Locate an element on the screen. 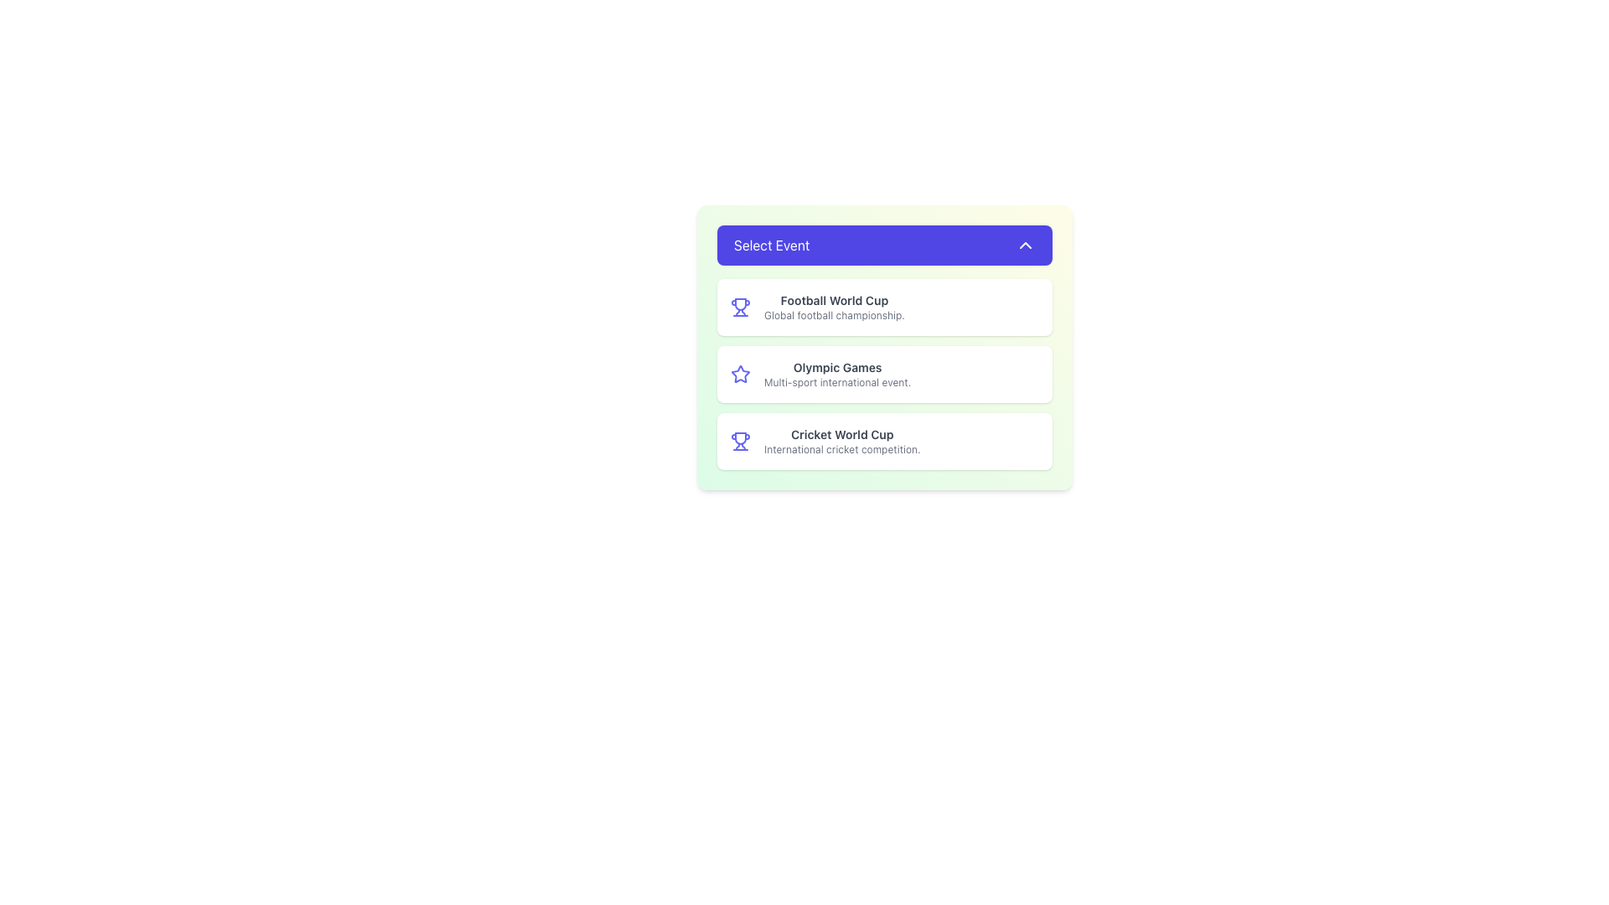 The width and height of the screenshot is (1609, 905). the Decorative Icon associated with the 'Olympic Games' list item, which is located in the left section of the second list item in a vertically stacked list is located at coordinates (739, 374).